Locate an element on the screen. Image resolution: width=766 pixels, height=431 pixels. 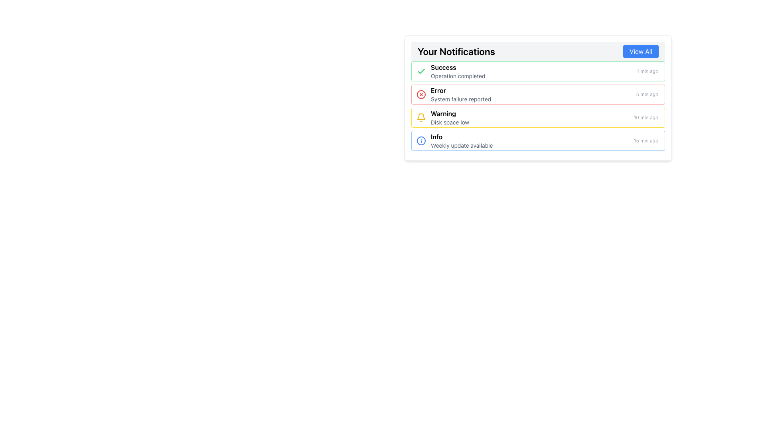
the warning notification icon located in the third row of the notifications panel under 'Your Notifications'. This icon enhances clarity for users regarding warning notifications is located at coordinates (421, 117).